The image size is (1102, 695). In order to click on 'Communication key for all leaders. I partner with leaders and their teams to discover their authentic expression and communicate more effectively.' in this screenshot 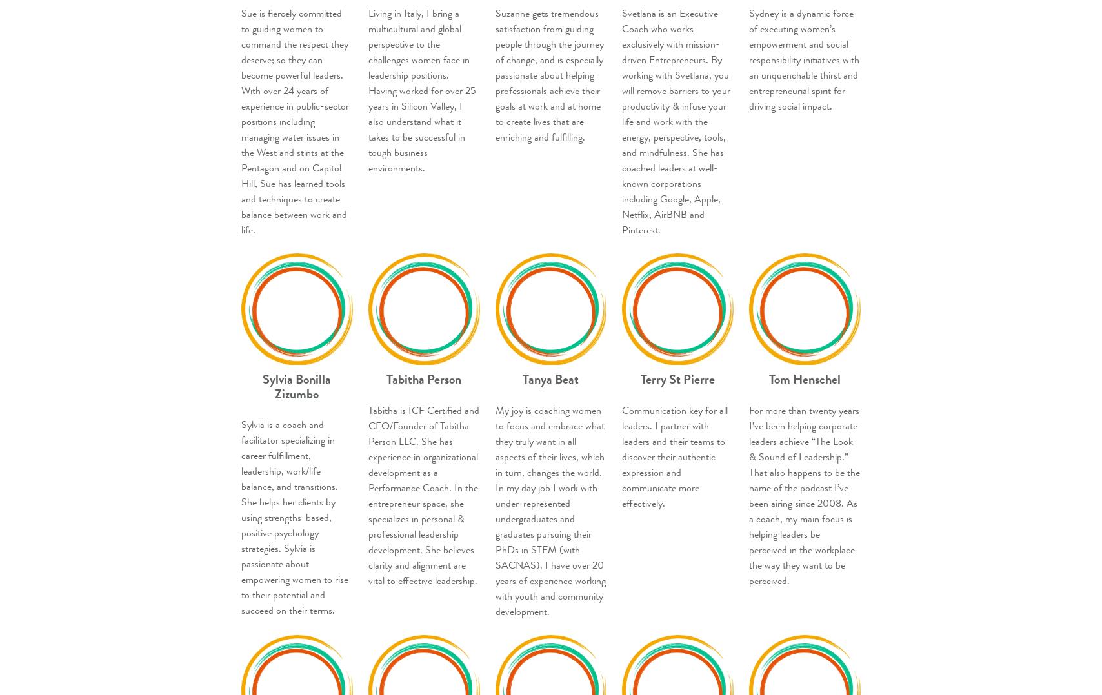, I will do `click(674, 456)`.